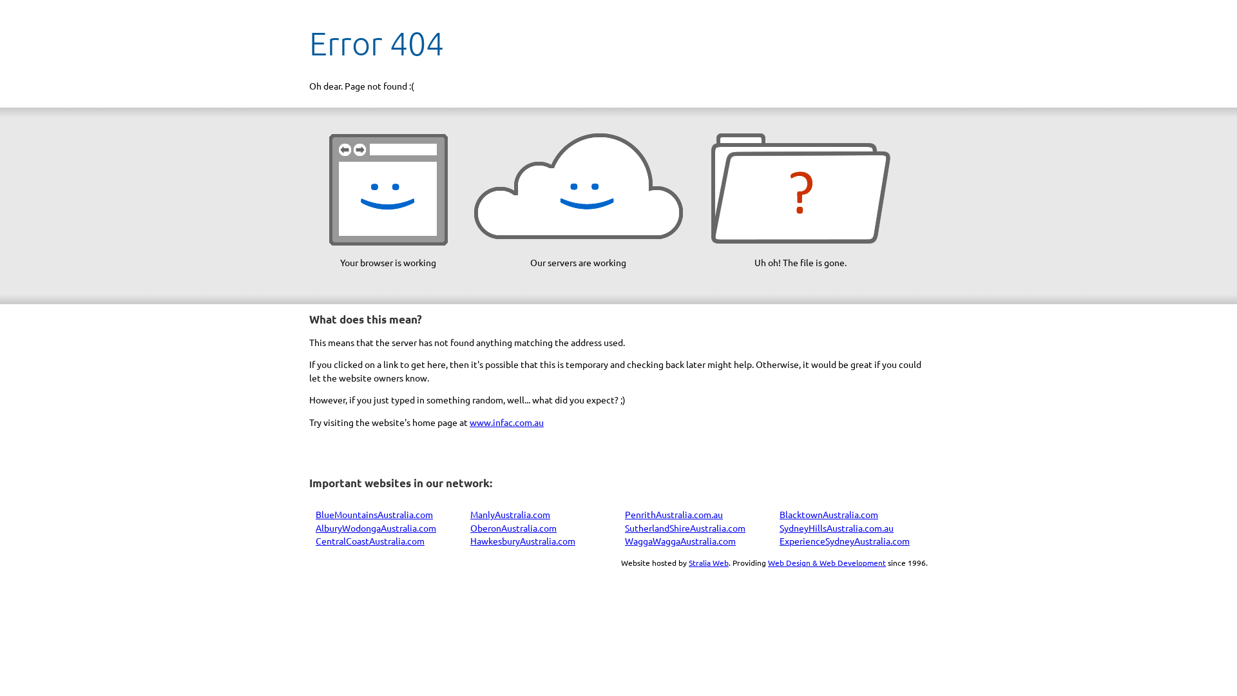 The height and width of the screenshot is (696, 1237). I want to click on 'Web Design & Web Development', so click(827, 561).